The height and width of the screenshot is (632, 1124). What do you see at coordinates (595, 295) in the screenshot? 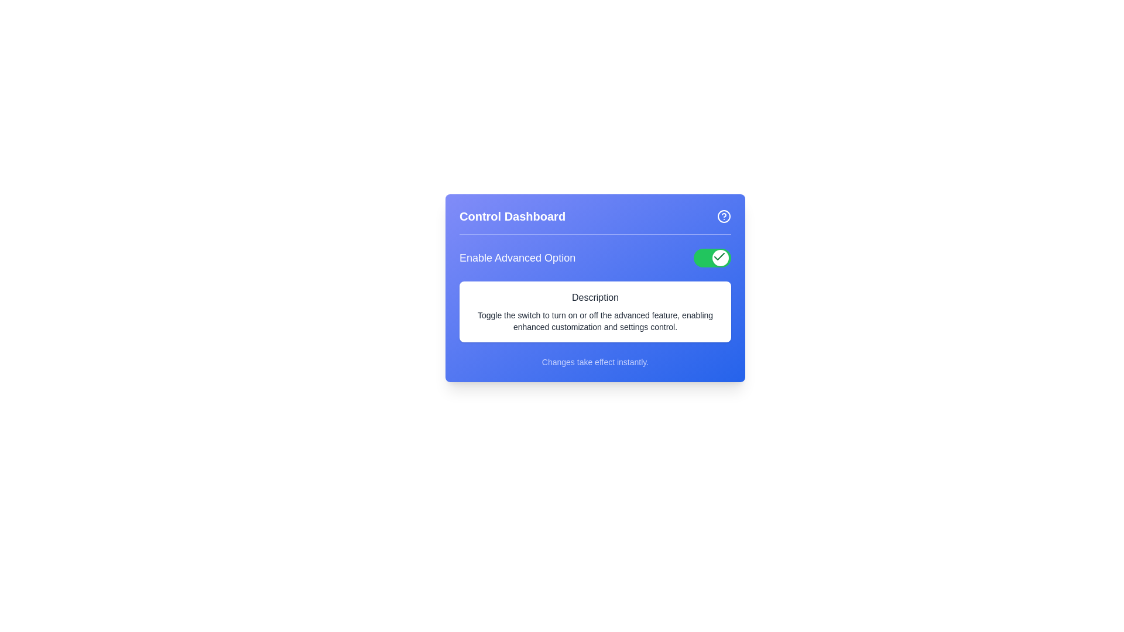
I see `descriptive text within the rectangular card component that has a white background and contains the heading 'Description'` at bounding box center [595, 295].